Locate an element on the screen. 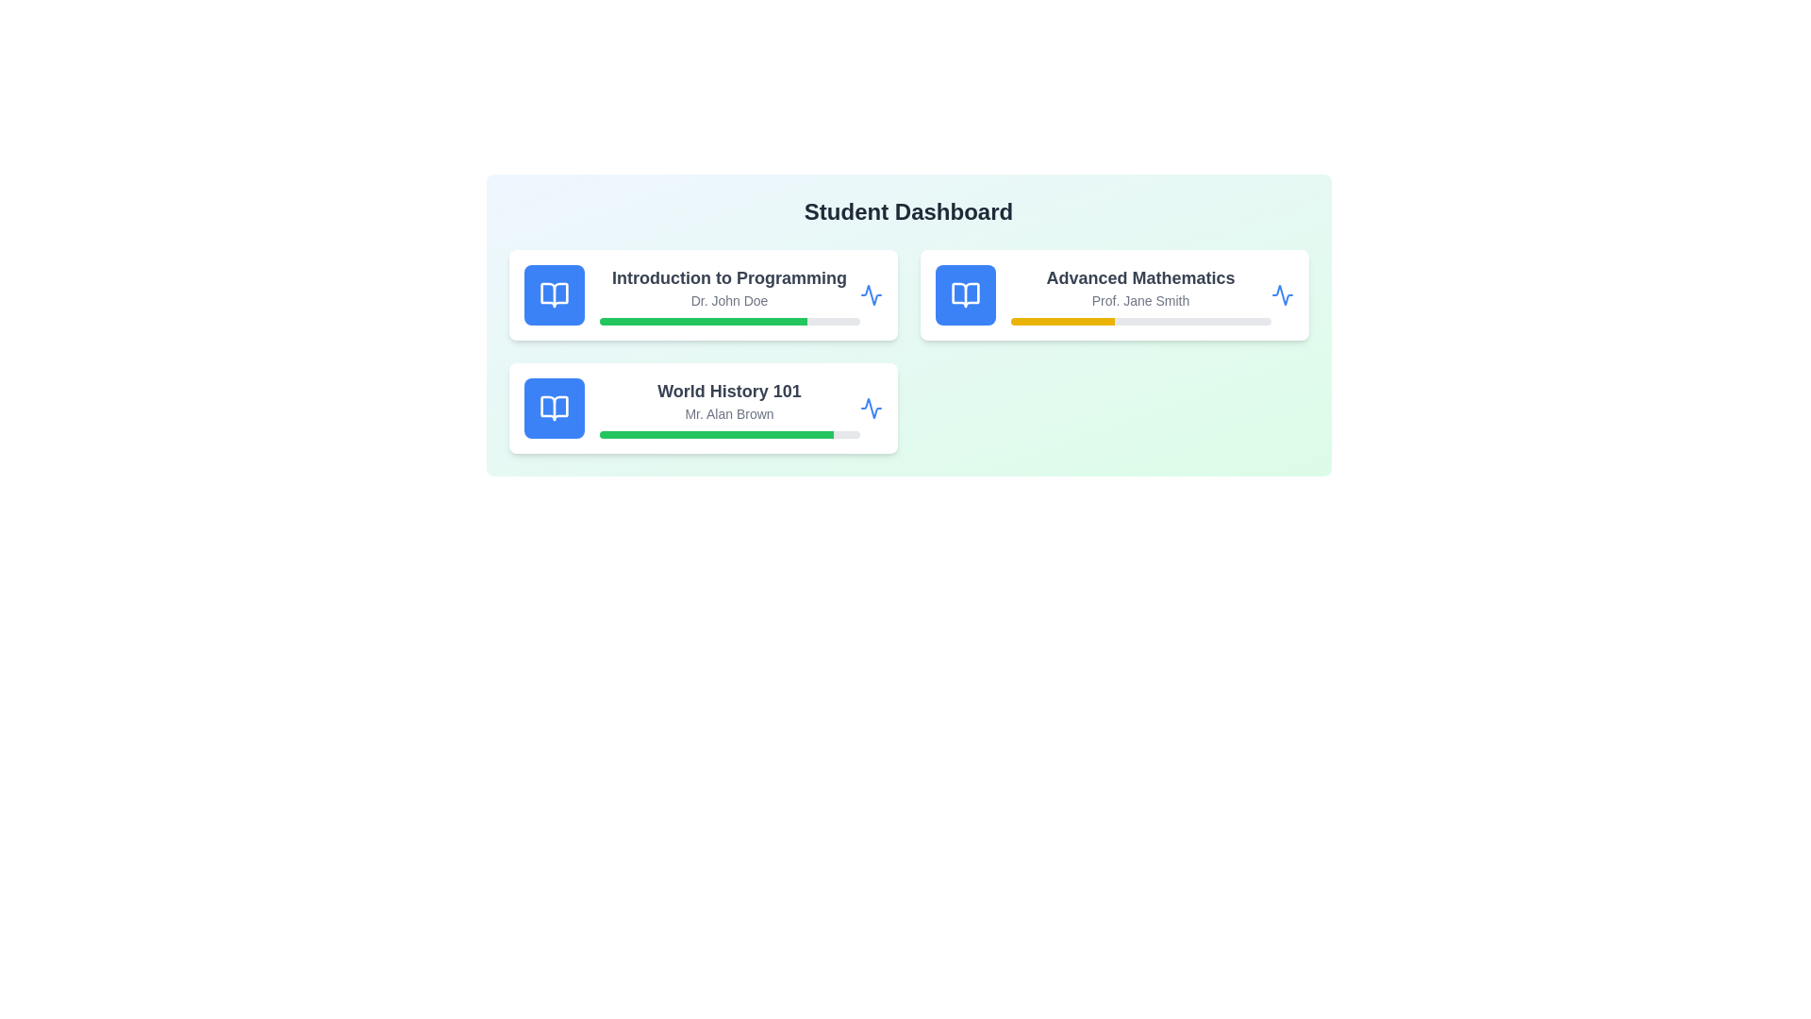 The height and width of the screenshot is (1019, 1811). the course card for Advanced Mathematics is located at coordinates (1114, 294).